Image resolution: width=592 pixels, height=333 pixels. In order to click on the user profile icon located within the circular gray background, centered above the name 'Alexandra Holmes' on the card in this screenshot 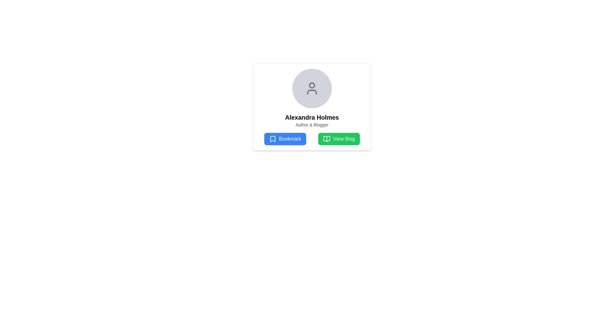, I will do `click(312, 88)`.